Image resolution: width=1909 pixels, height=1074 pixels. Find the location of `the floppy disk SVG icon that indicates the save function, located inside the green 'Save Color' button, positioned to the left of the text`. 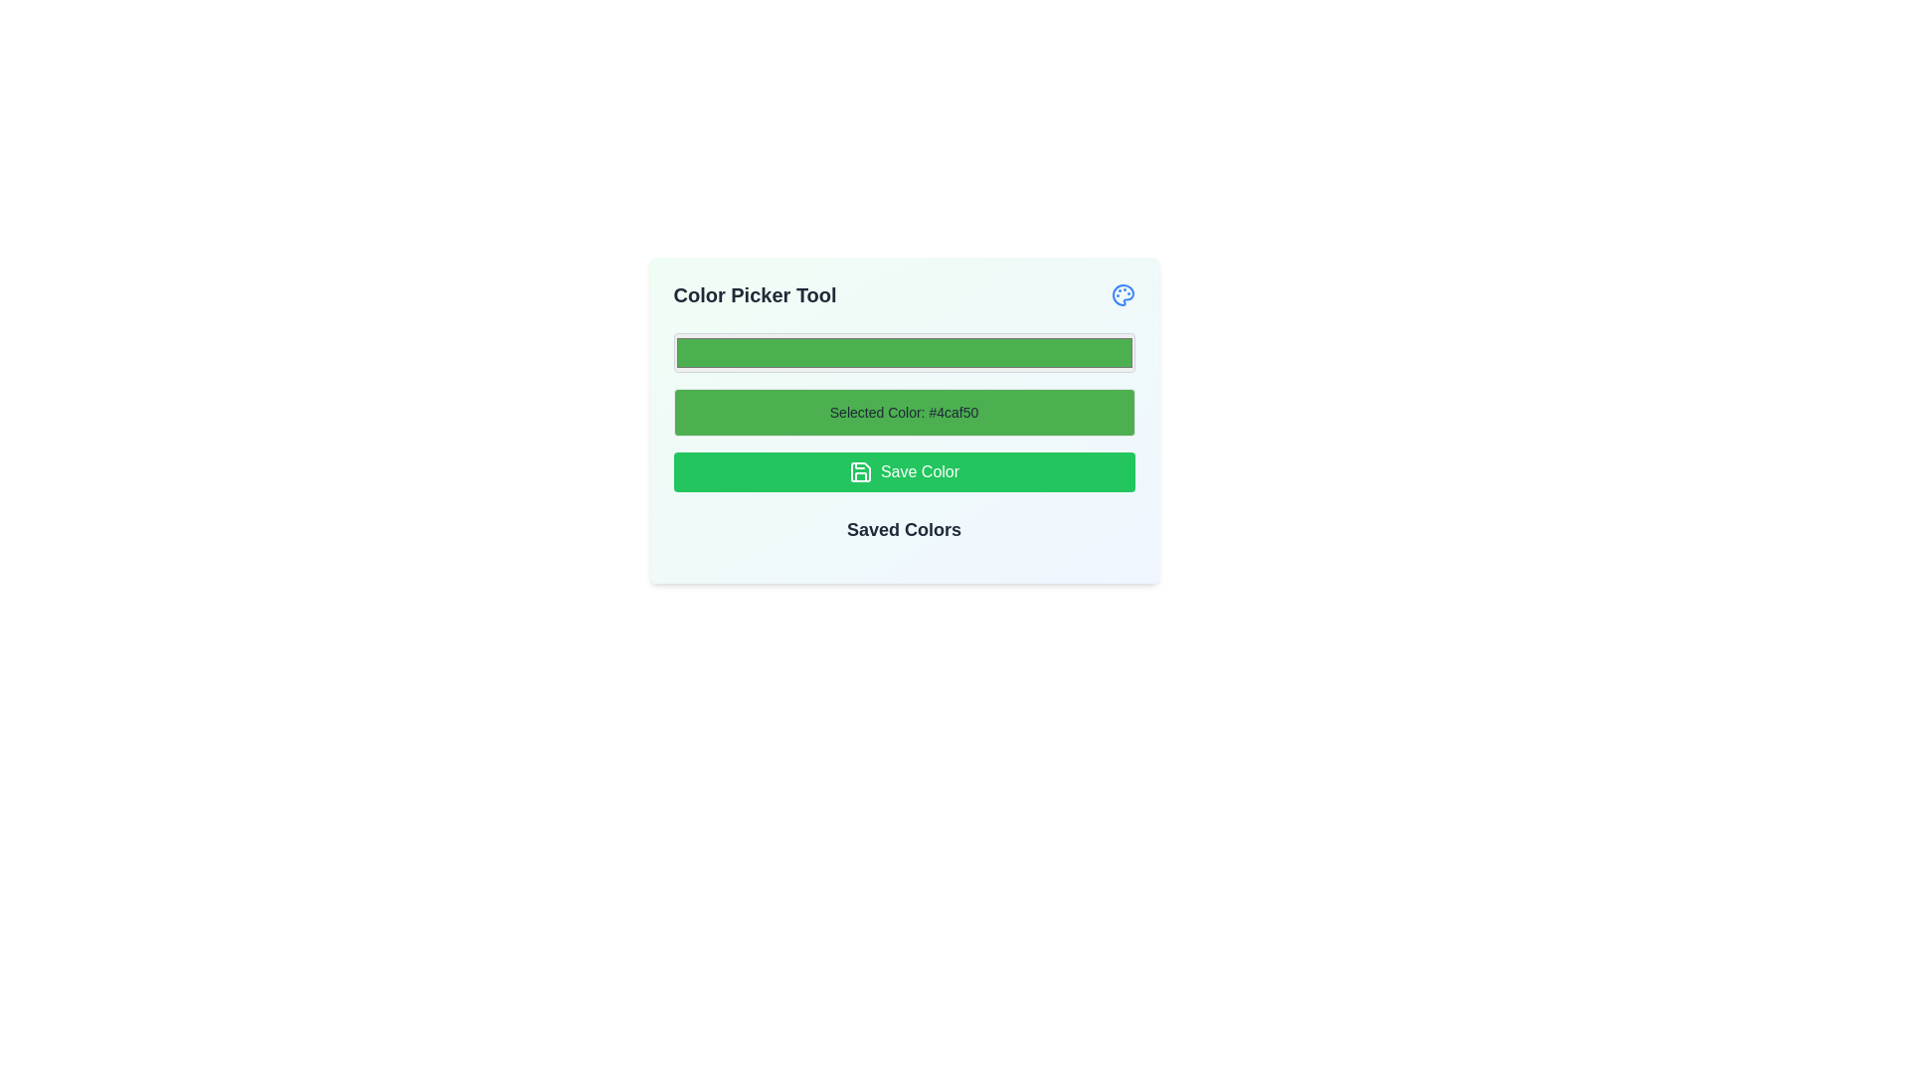

the floppy disk SVG icon that indicates the save function, located inside the green 'Save Color' button, positioned to the left of the text is located at coordinates (860, 471).